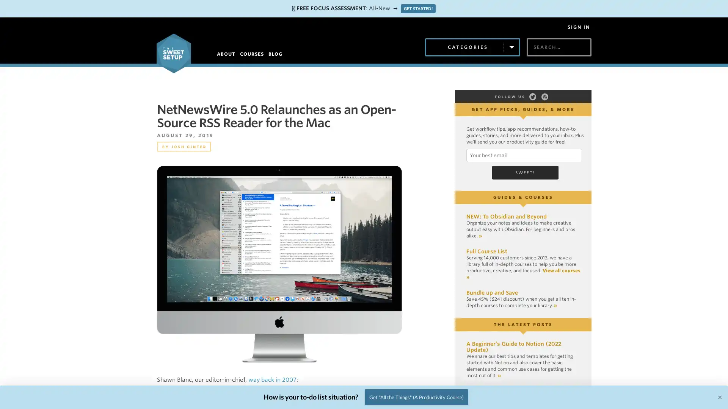 This screenshot has width=728, height=409. Describe the element at coordinates (524, 172) in the screenshot. I see `Sweet!` at that location.